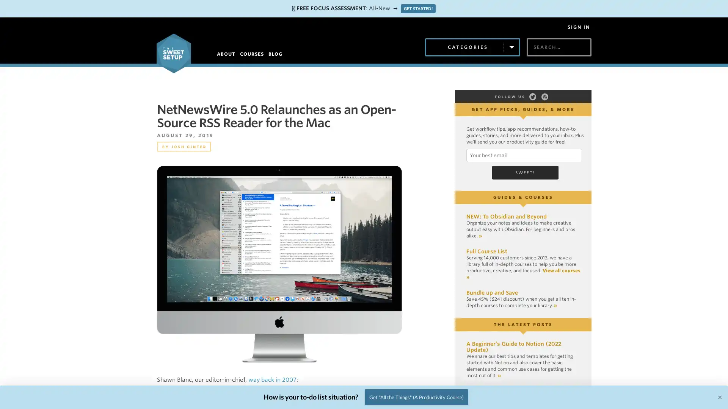 This screenshot has width=728, height=409. Describe the element at coordinates (524, 172) in the screenshot. I see `Sweet!` at that location.